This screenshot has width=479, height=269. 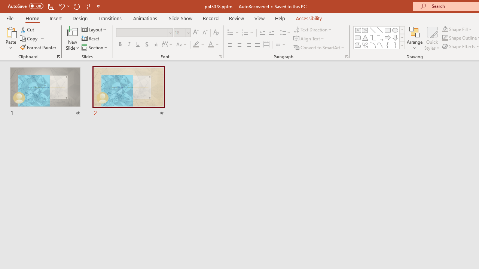 I want to click on 'Convert to SmartArt', so click(x=319, y=47).